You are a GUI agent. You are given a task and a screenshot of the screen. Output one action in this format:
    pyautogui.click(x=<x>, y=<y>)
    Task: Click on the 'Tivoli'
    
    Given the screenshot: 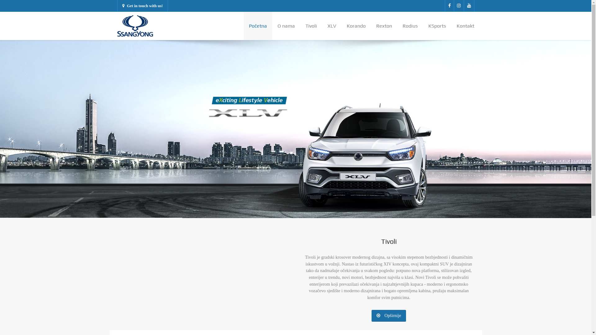 What is the action you would take?
    pyautogui.click(x=300, y=25)
    